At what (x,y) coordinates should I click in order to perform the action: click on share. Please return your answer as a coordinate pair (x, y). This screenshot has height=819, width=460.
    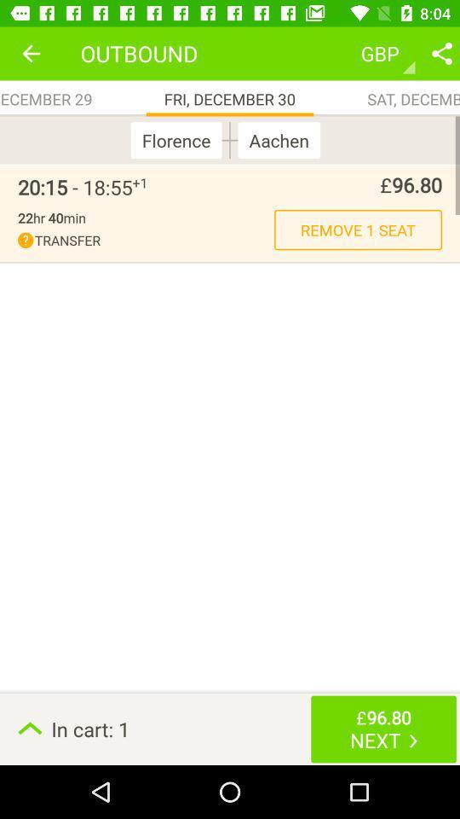
    Looking at the image, I should click on (441, 53).